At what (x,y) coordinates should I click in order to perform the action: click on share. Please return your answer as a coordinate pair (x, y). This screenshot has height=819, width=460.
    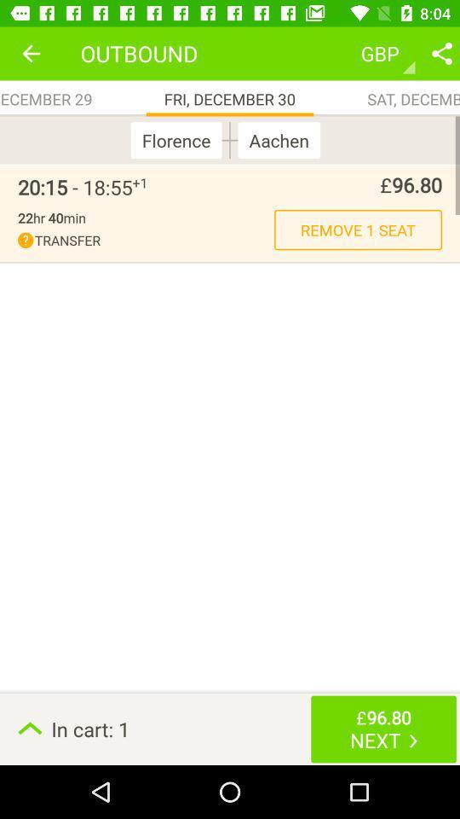
    Looking at the image, I should click on (441, 53).